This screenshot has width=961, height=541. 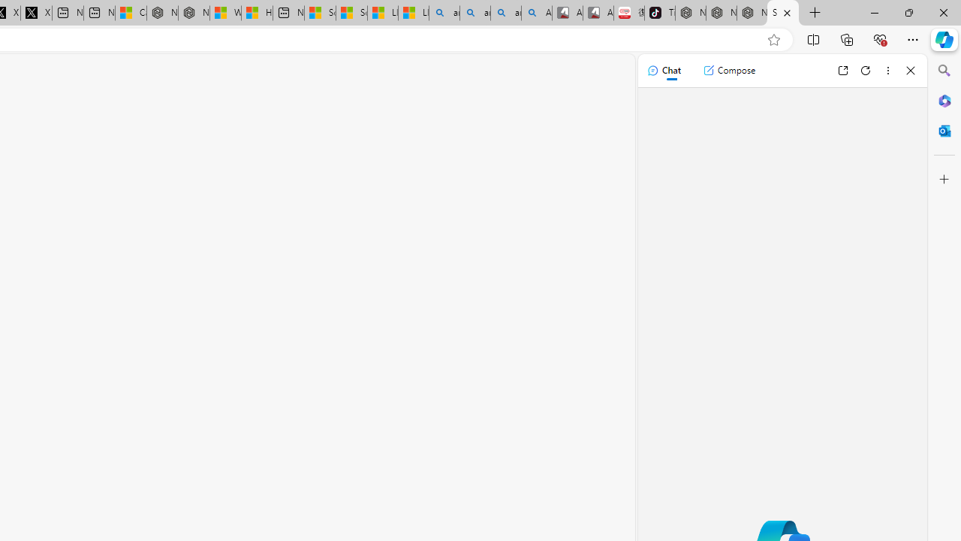 What do you see at coordinates (689, 13) in the screenshot?
I see `'Nordace - Best Sellers'` at bounding box center [689, 13].